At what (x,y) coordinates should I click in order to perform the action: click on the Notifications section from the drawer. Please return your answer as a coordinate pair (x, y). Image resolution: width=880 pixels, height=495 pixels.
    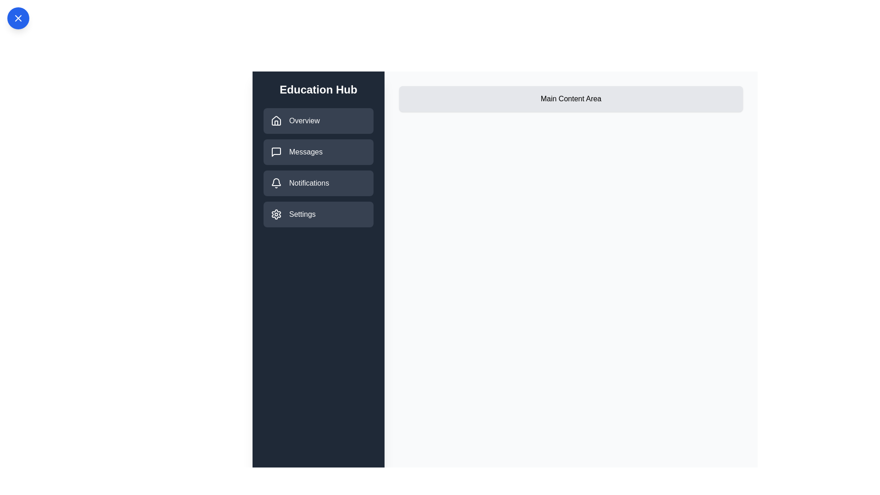
    Looking at the image, I should click on (319, 183).